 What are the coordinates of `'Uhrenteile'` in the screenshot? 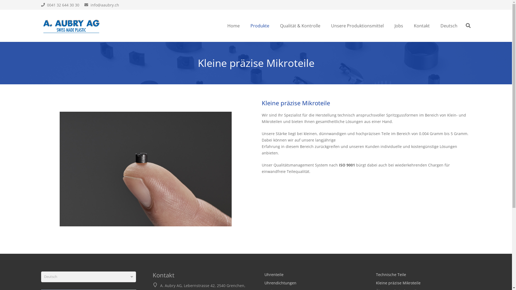 It's located at (274, 274).